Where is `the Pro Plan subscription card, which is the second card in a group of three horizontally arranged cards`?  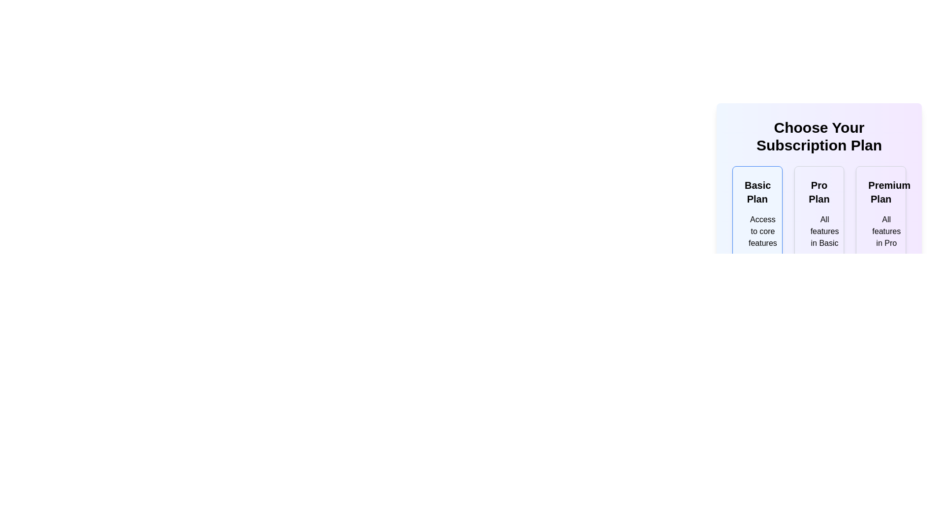
the Pro Plan subscription card, which is the second card in a group of three horizontally arranged cards is located at coordinates (819, 257).